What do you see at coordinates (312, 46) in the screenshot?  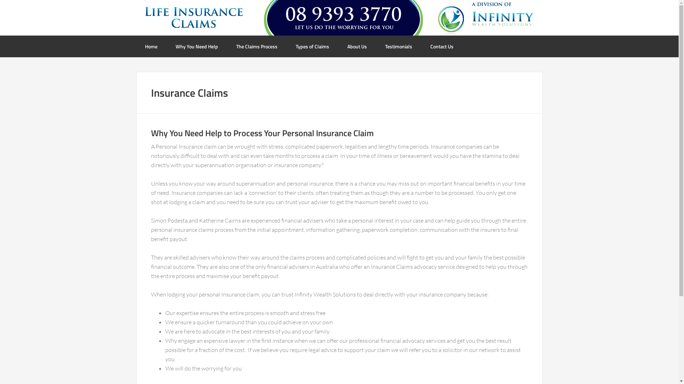 I see `'Types of Claims'` at bounding box center [312, 46].